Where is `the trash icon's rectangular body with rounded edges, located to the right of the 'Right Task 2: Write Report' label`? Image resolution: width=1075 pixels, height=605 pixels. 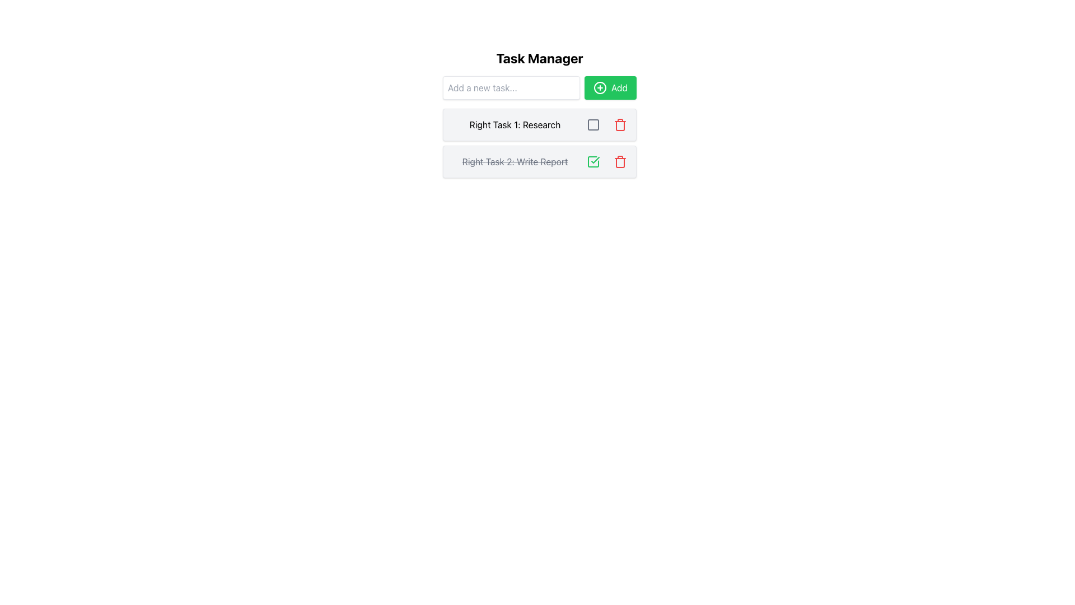 the trash icon's rectangular body with rounded edges, located to the right of the 'Right Task 2: Write Report' label is located at coordinates (620, 162).